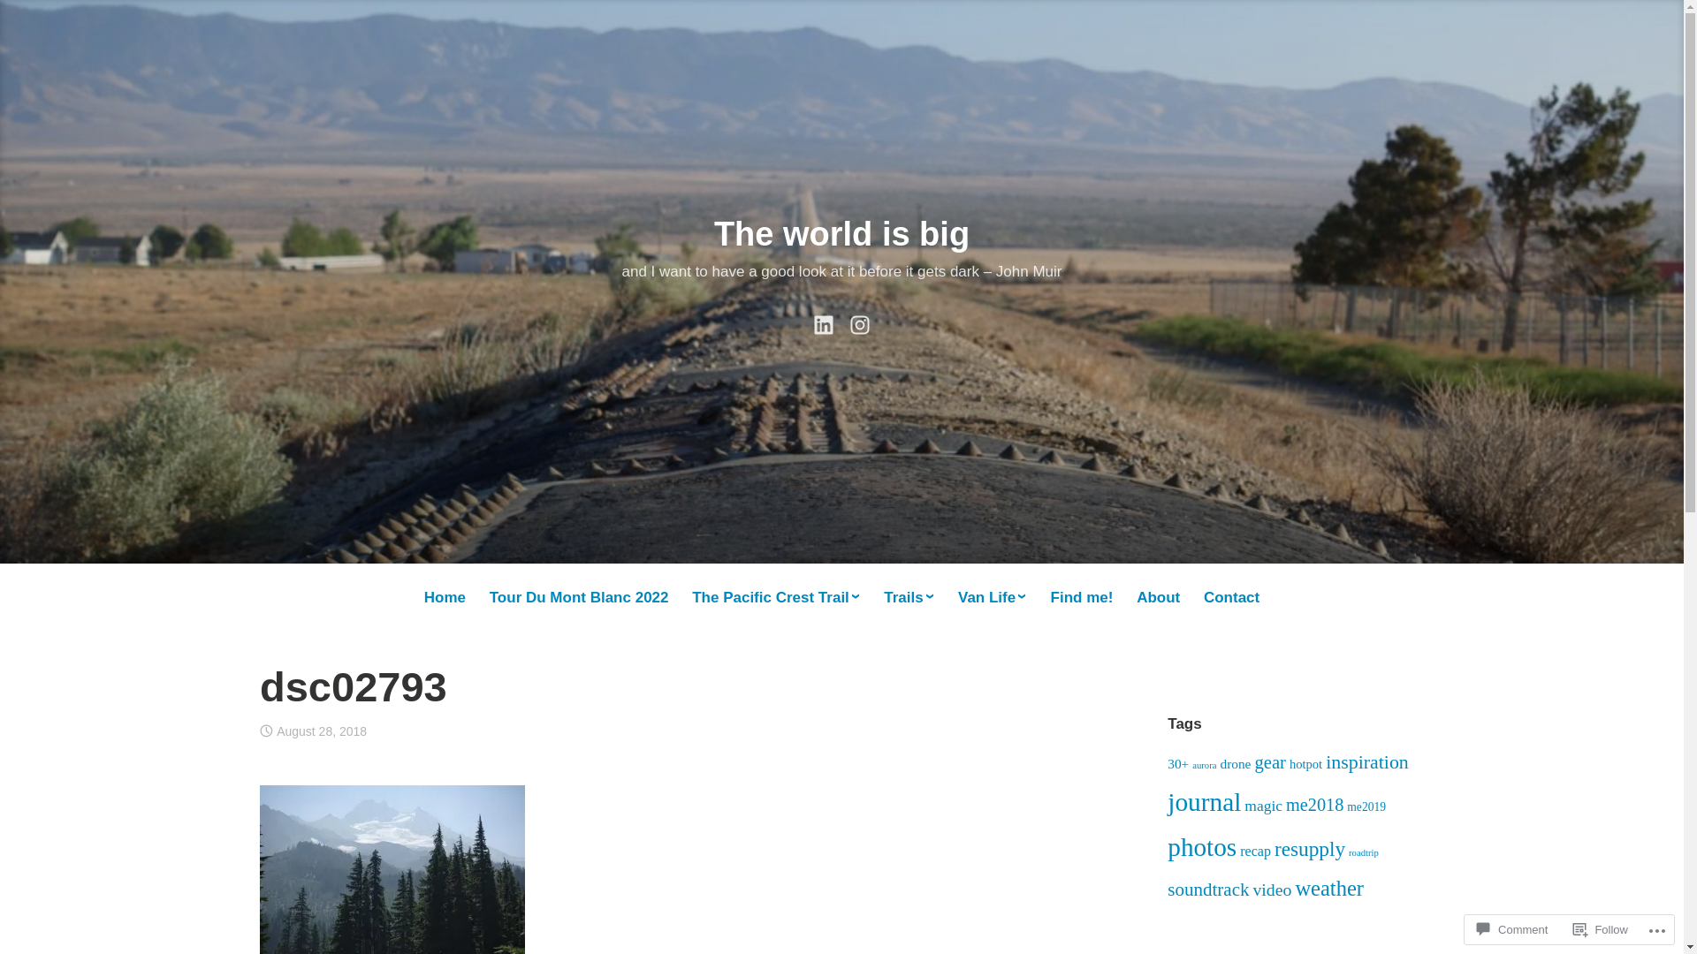 This screenshot has width=1697, height=954. I want to click on 'resupply', so click(1310, 847).